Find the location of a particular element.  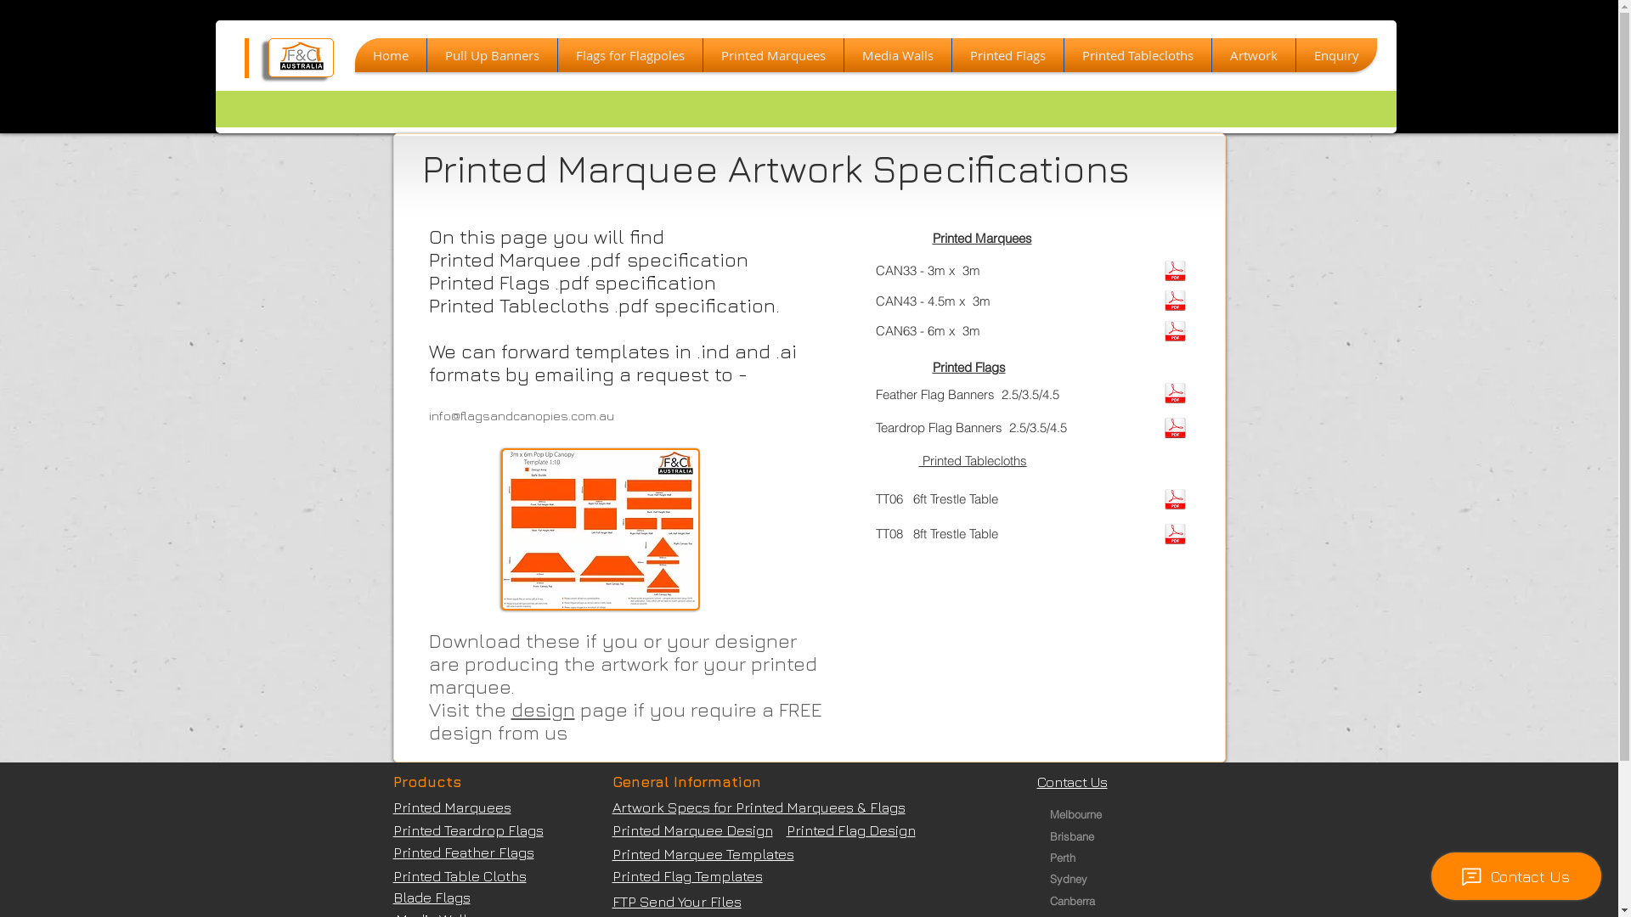

'Home' is located at coordinates (390, 54).